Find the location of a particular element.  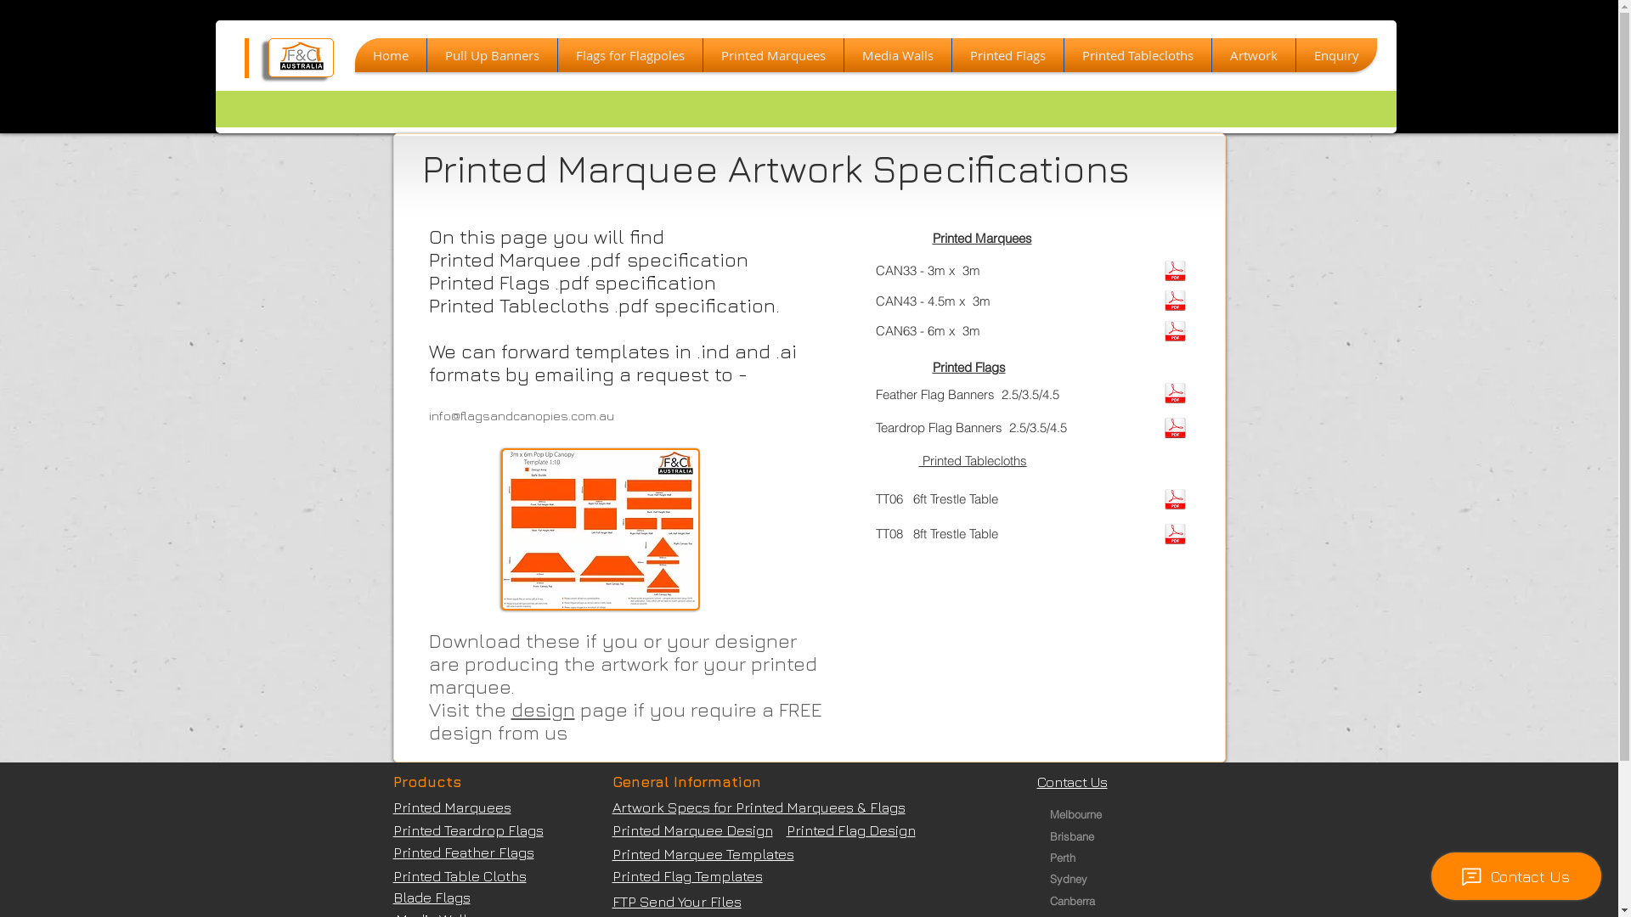

'Home' is located at coordinates (390, 54).